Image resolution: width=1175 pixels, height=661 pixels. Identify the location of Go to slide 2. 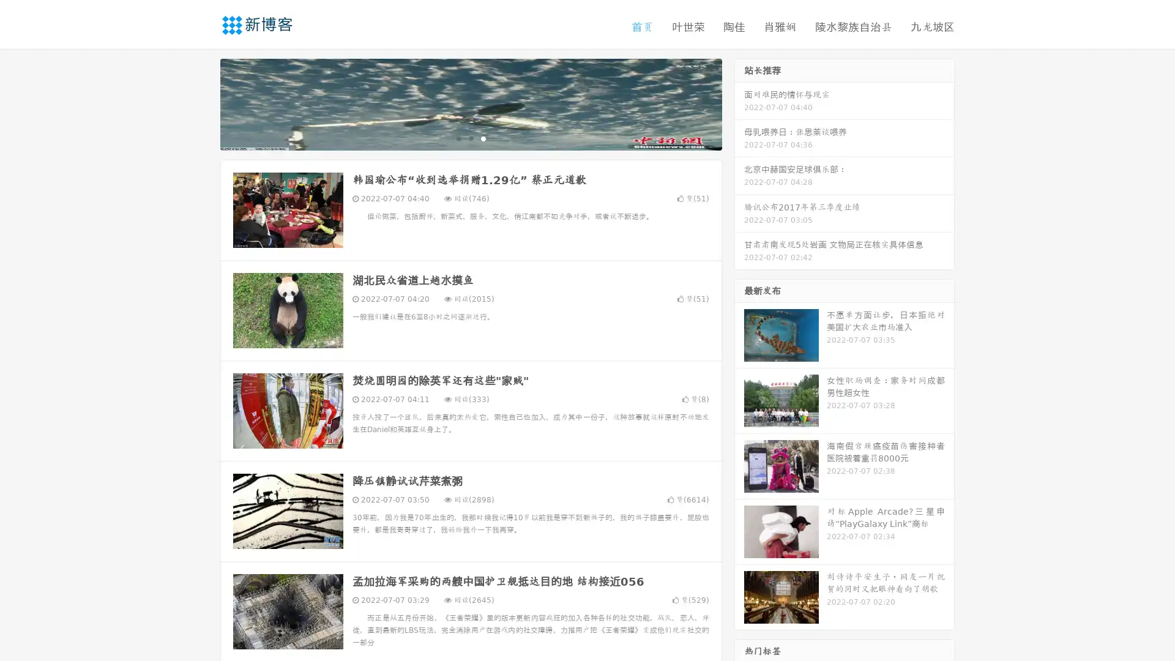
(470, 138).